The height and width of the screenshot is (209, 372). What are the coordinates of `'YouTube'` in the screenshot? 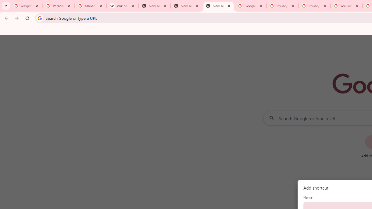 It's located at (346, 6).